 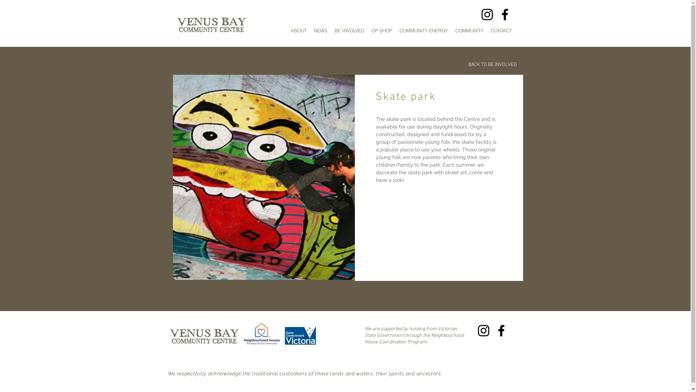 I want to click on 'BACK TO BE INVOLVED', so click(x=464, y=64).